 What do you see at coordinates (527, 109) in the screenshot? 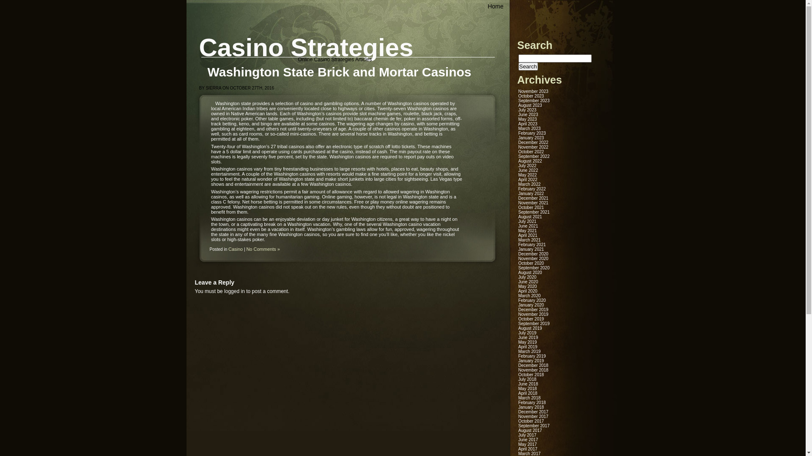
I see `'July 2023'` at bounding box center [527, 109].